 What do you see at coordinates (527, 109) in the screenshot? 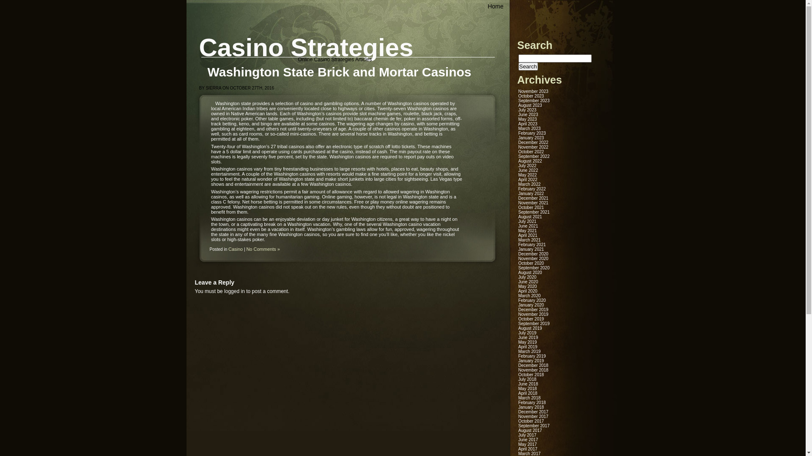
I see `'July 2023'` at bounding box center [527, 109].